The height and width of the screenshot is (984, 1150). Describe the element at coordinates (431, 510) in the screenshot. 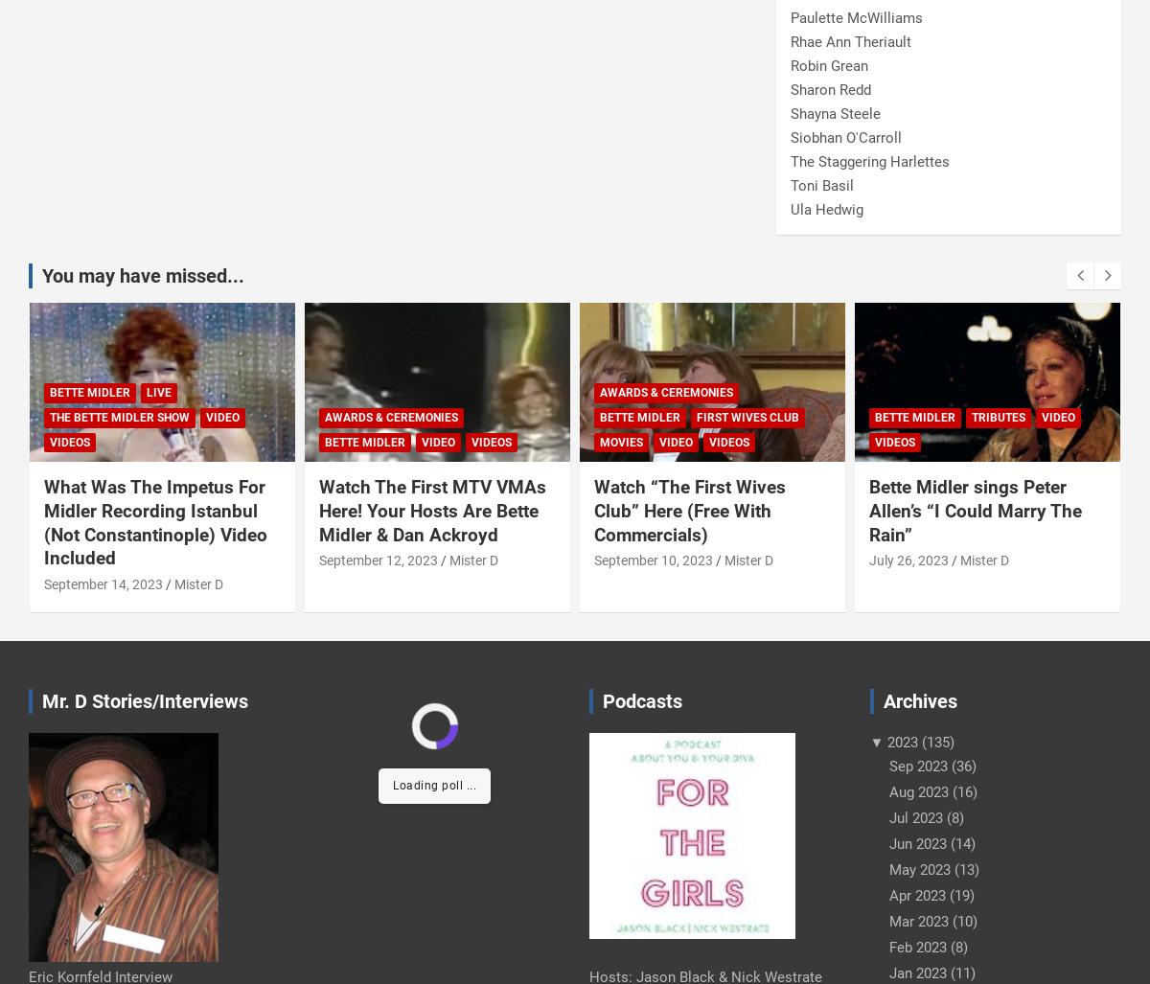

I see `'Watch The First MTV VMAs Here! Your Hosts Are Bette Midler & Dan Ackroyd'` at that location.